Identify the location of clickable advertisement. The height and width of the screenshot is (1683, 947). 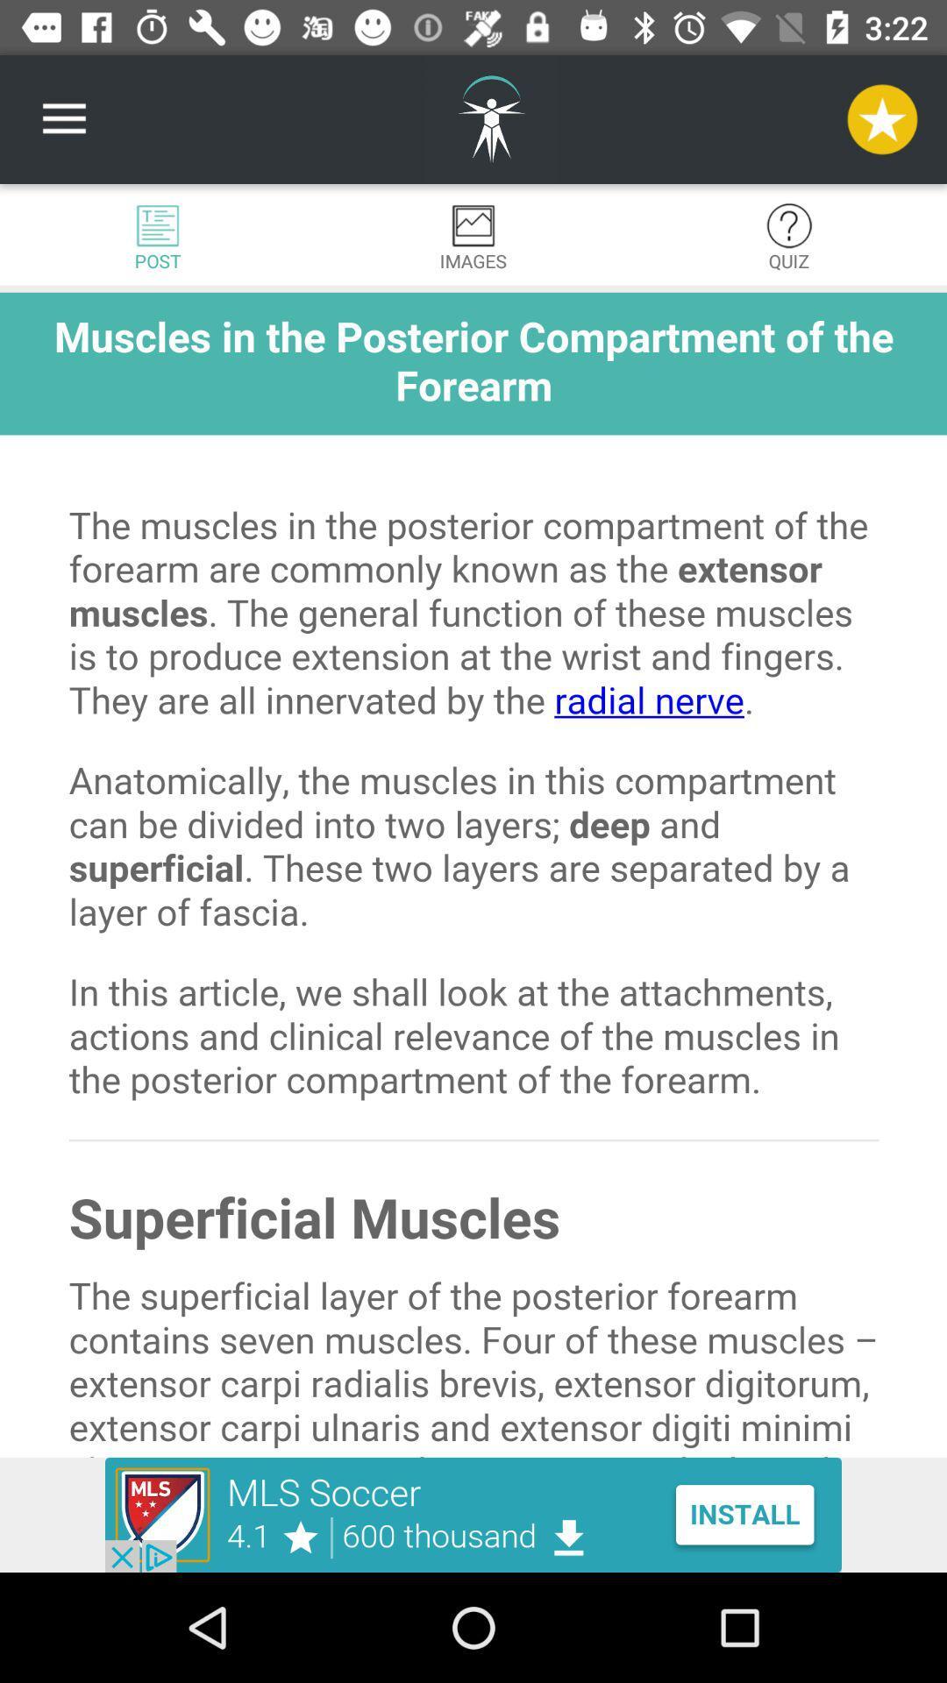
(473, 1514).